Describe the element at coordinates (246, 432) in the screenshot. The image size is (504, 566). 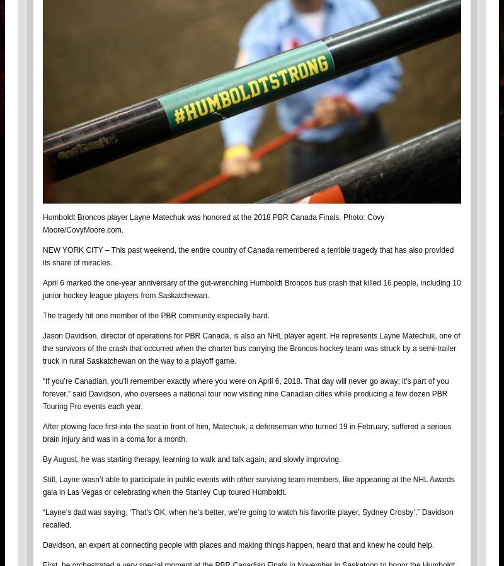
I see `'After plowing face first into the seat in front of him, Matechuk, a defenseman who turned 19 in February, suffered a serious brain injury and was in a coma for a month.'` at that location.